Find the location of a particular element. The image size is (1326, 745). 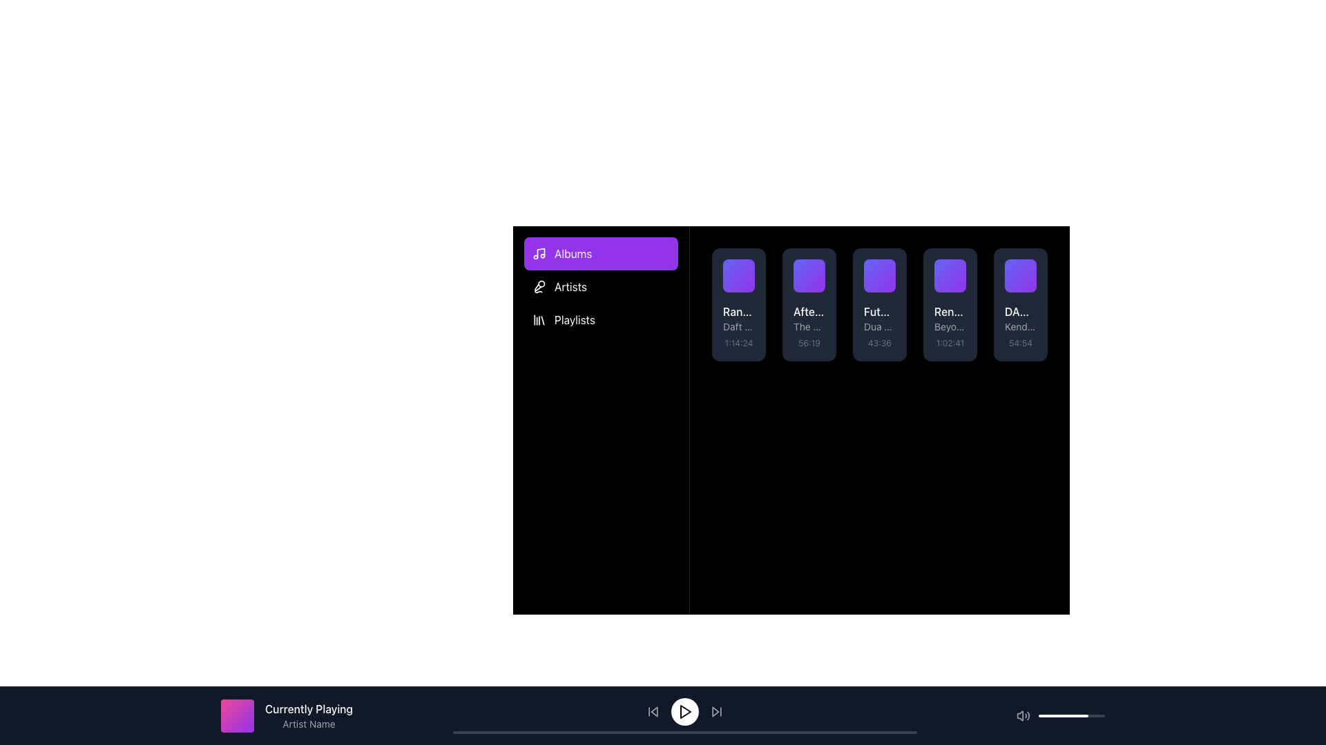

the circular button with a white heart icon located in the top-right corner of the album card for 'Renaissance' by Beyoncé is located at coordinates (957, 268).